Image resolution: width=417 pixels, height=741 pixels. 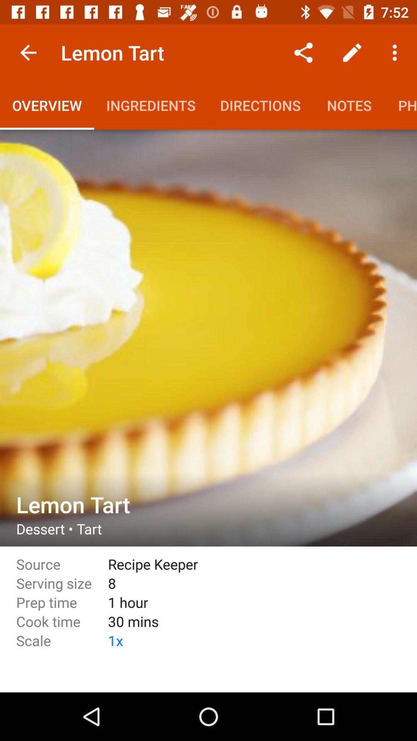 What do you see at coordinates (352, 52) in the screenshot?
I see `the edit icon` at bounding box center [352, 52].